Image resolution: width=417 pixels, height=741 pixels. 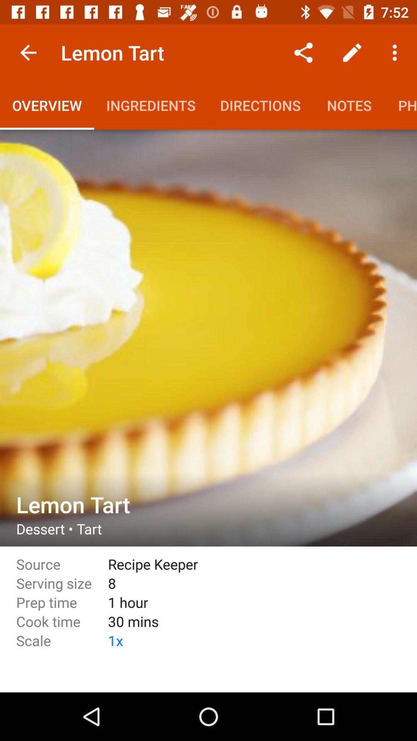 What do you see at coordinates (352, 52) in the screenshot?
I see `the edit icon` at bounding box center [352, 52].